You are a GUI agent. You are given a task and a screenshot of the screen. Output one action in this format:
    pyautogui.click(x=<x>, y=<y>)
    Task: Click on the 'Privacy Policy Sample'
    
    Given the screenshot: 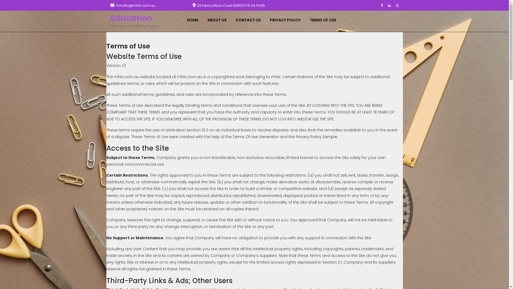 What is the action you would take?
    pyautogui.click(x=295, y=136)
    